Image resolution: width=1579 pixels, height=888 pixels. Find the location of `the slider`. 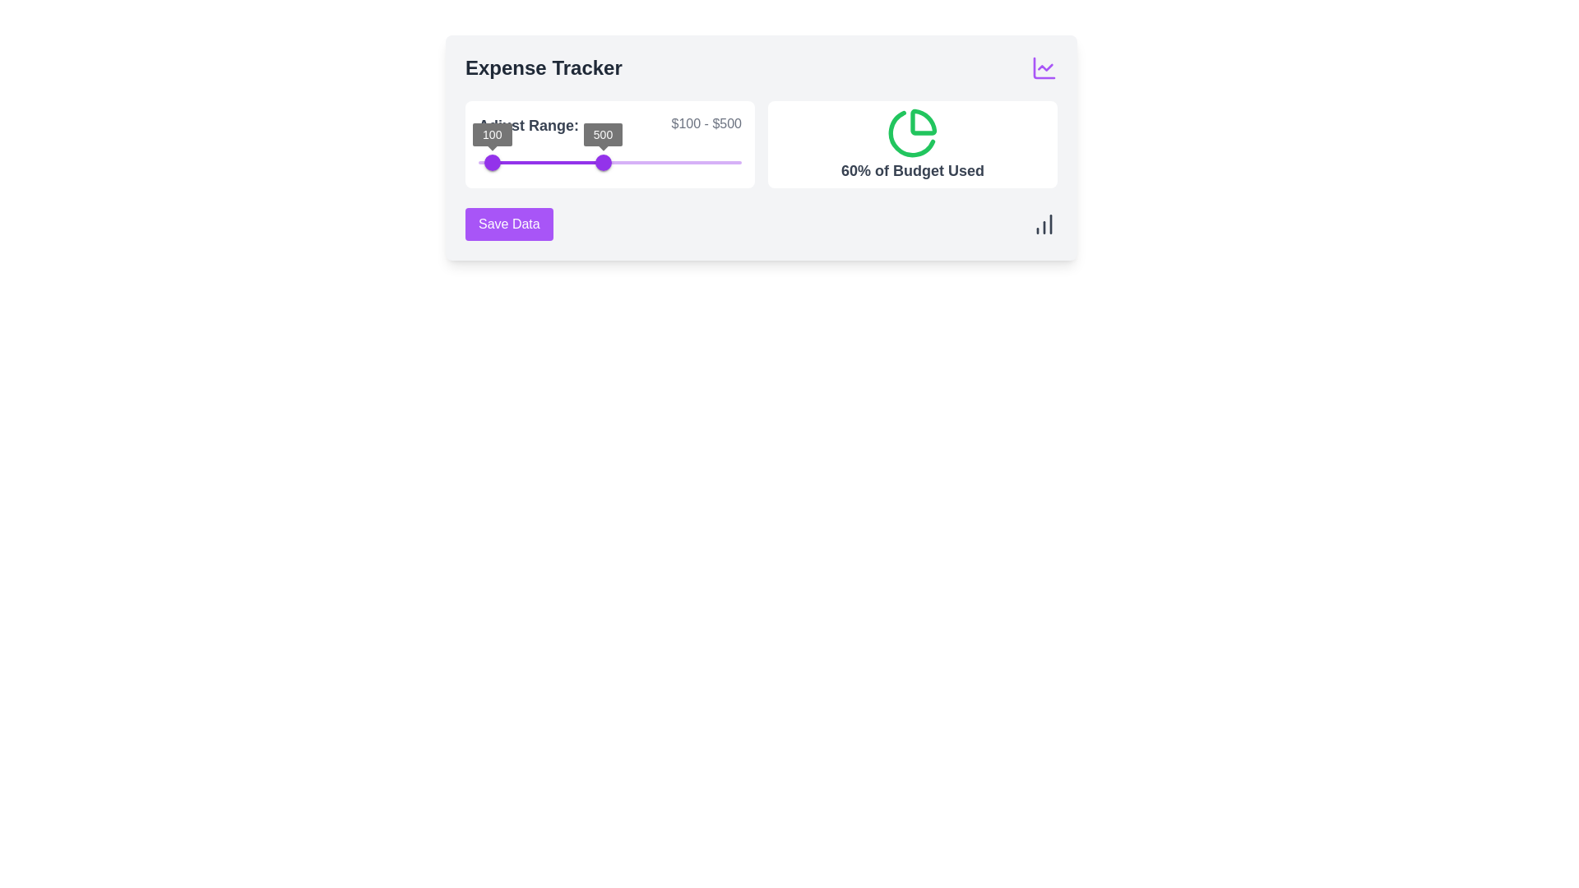

the slider is located at coordinates (781, 162).